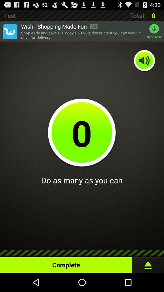 The height and width of the screenshot is (292, 164). What do you see at coordinates (148, 263) in the screenshot?
I see `start task` at bounding box center [148, 263].